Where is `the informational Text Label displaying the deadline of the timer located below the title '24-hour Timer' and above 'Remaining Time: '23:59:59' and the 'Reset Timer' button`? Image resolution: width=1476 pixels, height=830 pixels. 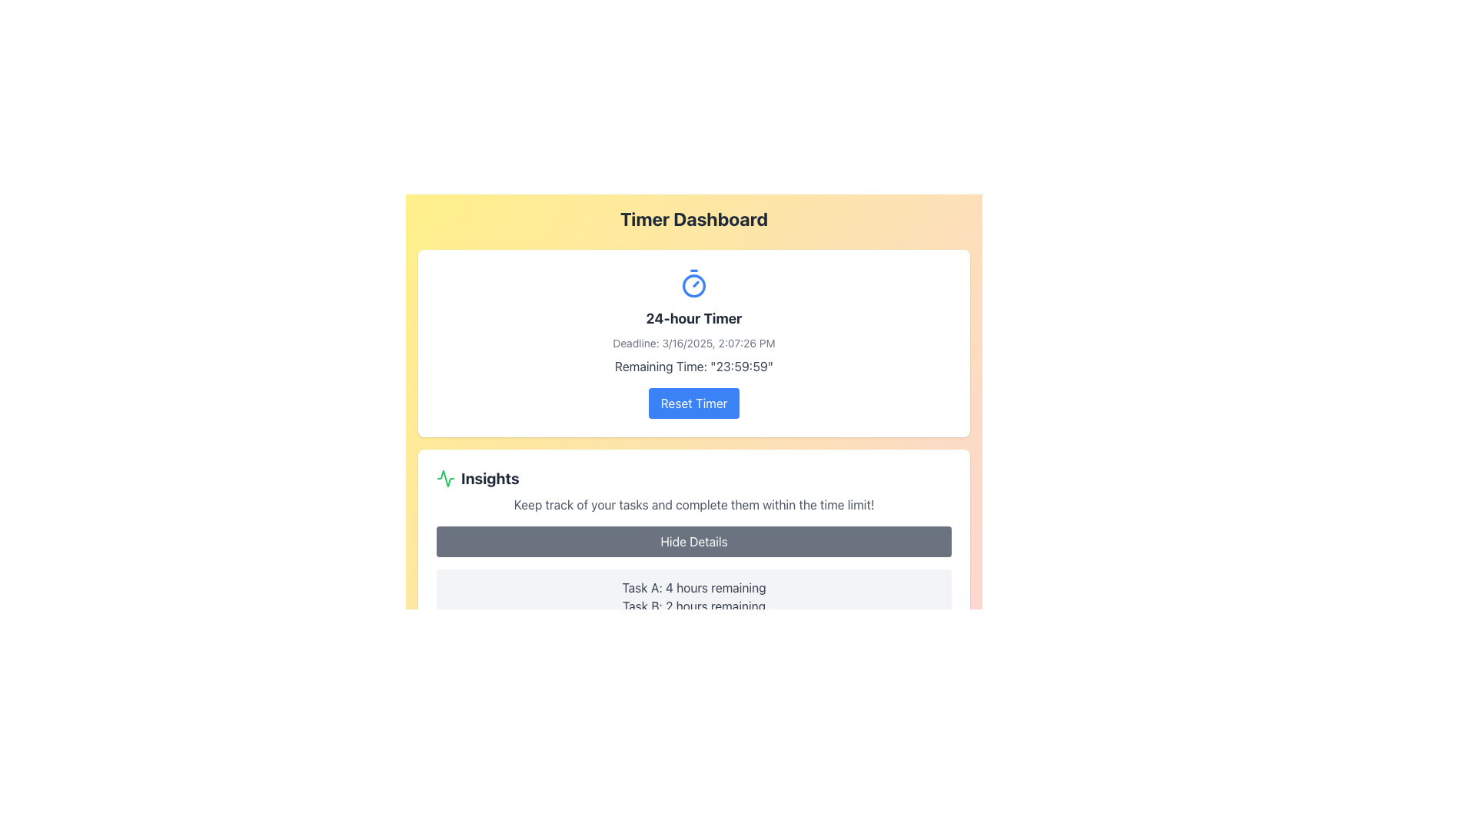
the informational Text Label displaying the deadline of the timer located below the title '24-hour Timer' and above 'Remaining Time: '23:59:59' and the 'Reset Timer' button is located at coordinates (693, 343).